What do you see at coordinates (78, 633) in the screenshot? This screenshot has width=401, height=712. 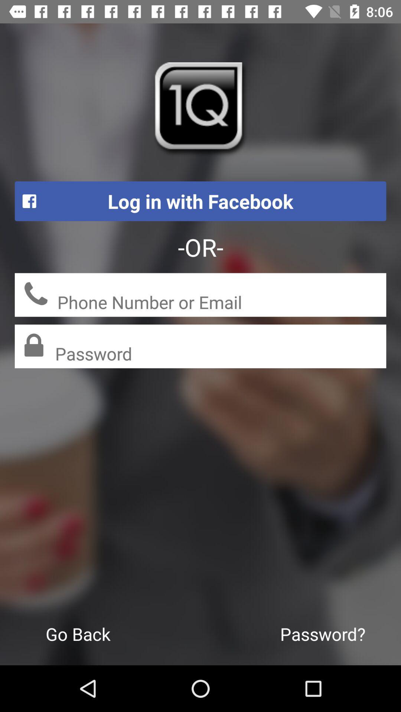 I see `go back icon` at bounding box center [78, 633].